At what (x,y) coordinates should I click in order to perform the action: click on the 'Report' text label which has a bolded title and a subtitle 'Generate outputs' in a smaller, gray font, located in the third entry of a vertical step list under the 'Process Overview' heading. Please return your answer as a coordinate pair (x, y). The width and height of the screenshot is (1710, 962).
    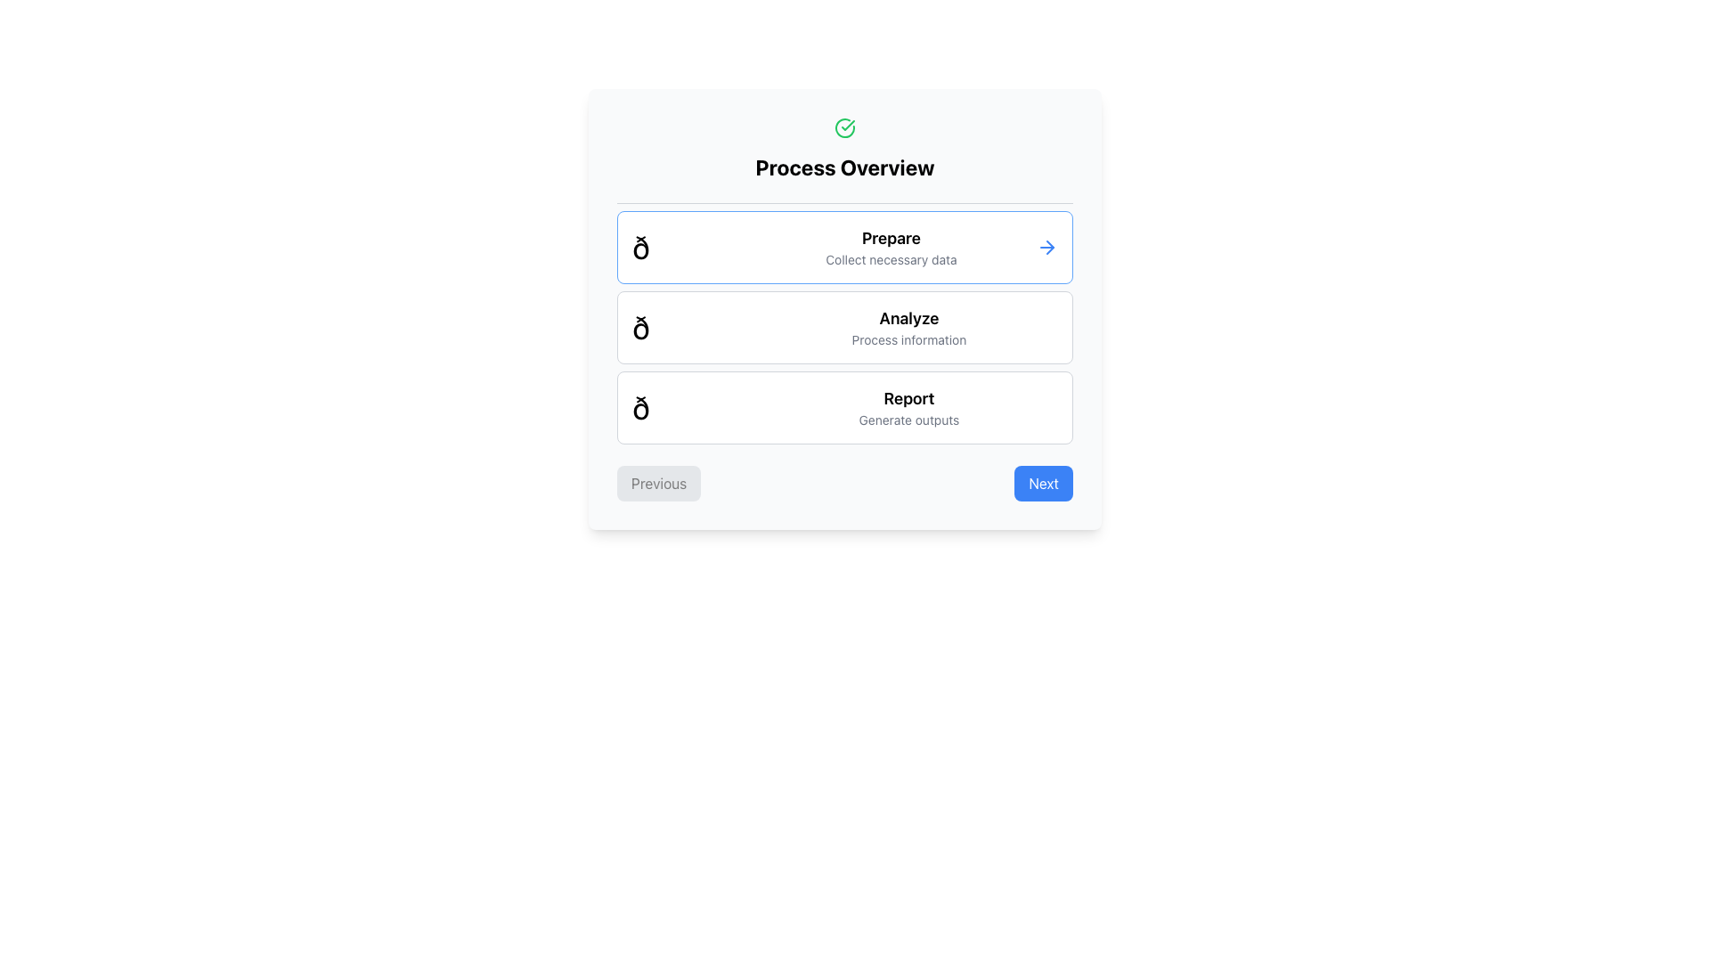
    Looking at the image, I should click on (908, 408).